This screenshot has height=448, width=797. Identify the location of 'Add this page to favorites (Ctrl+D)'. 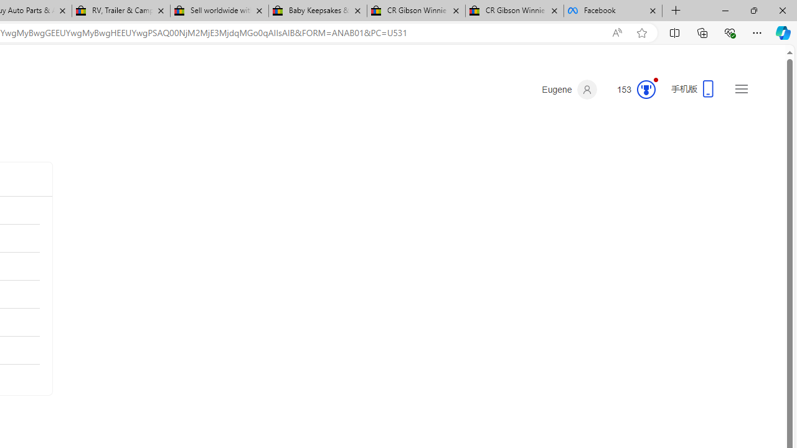
(642, 32).